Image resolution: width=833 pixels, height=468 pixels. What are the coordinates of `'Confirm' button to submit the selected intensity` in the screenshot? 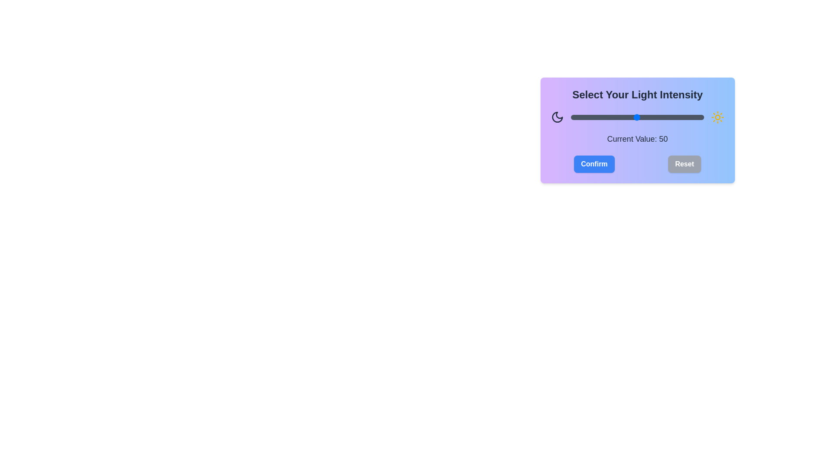 It's located at (594, 164).